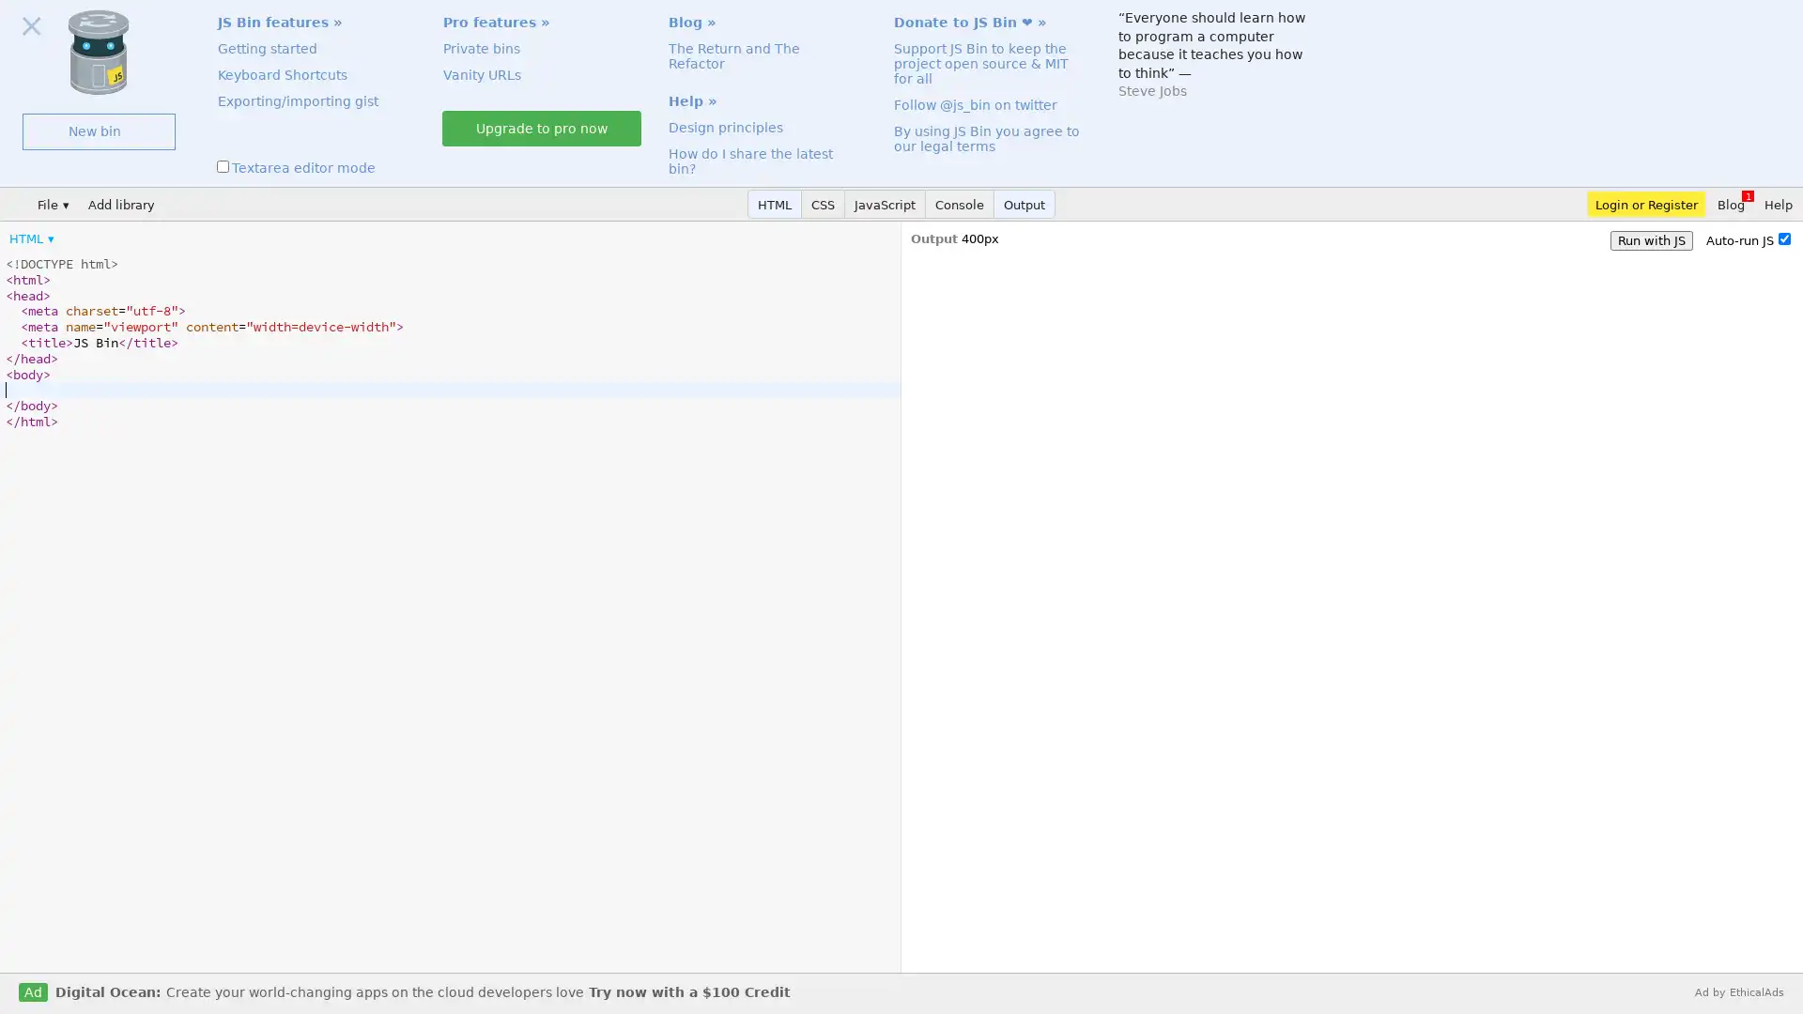  What do you see at coordinates (824, 204) in the screenshot?
I see `CSS Panel: Inactive` at bounding box center [824, 204].